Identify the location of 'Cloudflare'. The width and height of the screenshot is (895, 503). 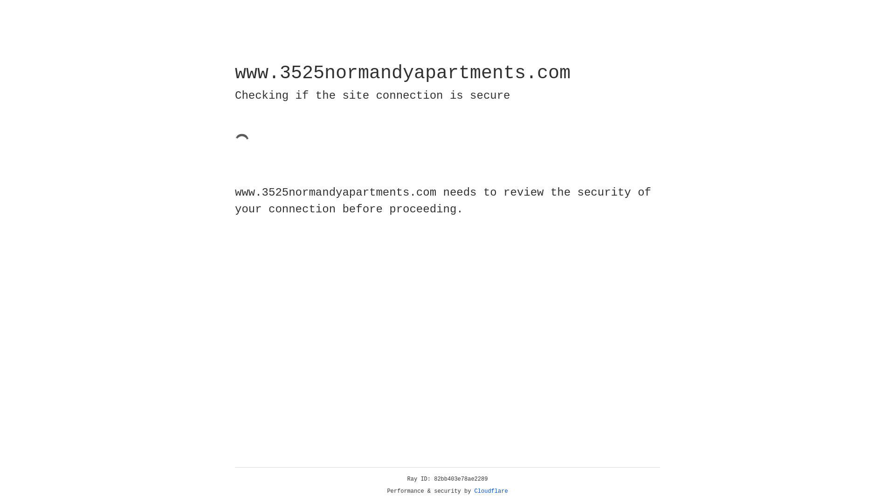
(491, 491).